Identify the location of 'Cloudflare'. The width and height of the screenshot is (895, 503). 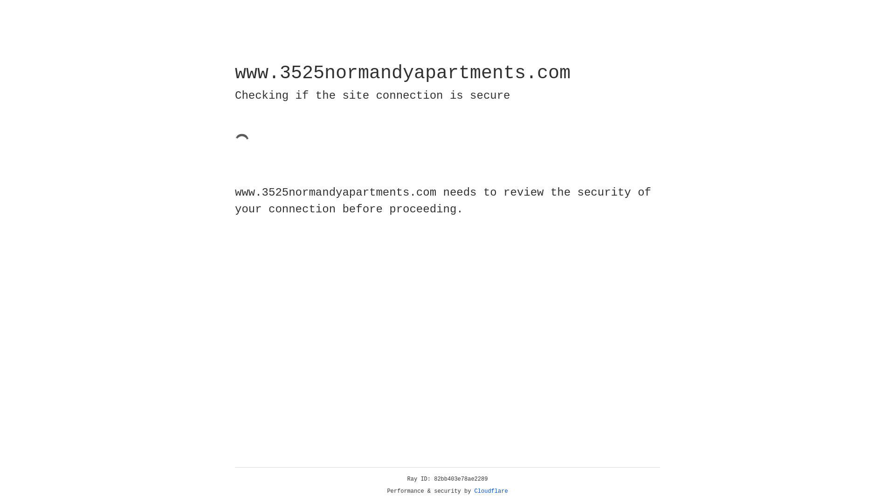
(491, 491).